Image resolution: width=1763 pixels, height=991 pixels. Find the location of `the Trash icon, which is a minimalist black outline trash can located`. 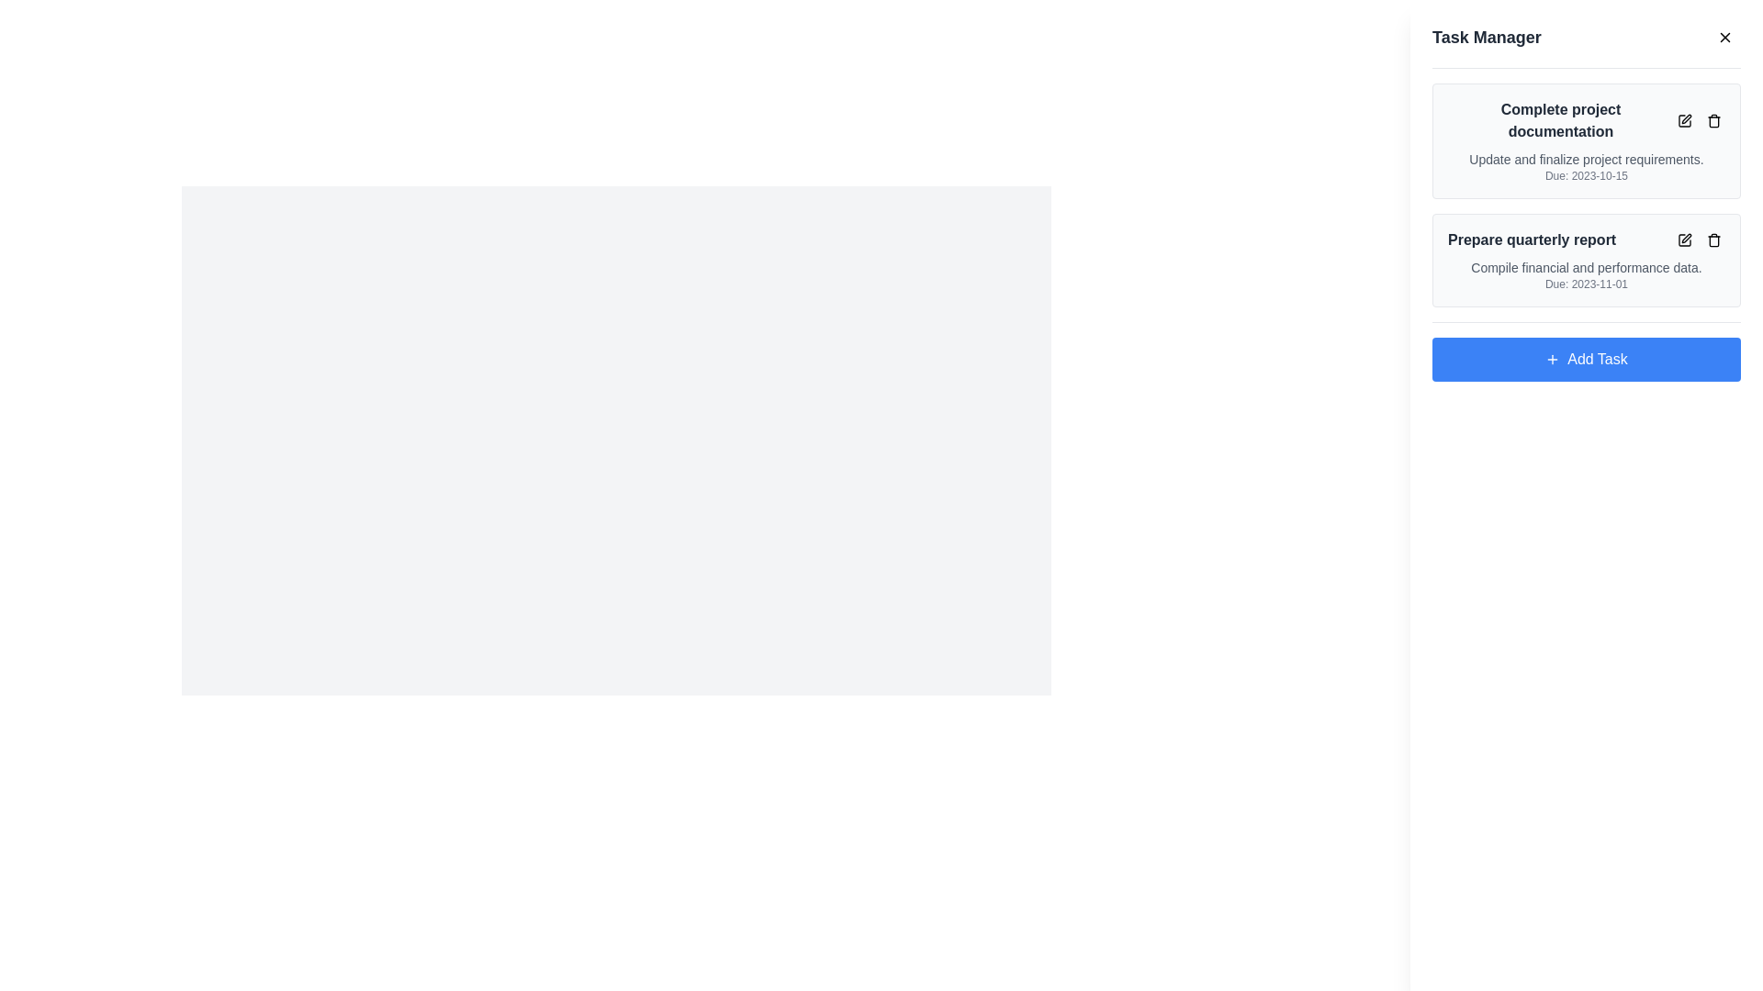

the Trash icon, which is a minimalist black outline trash can located is located at coordinates (1713, 120).